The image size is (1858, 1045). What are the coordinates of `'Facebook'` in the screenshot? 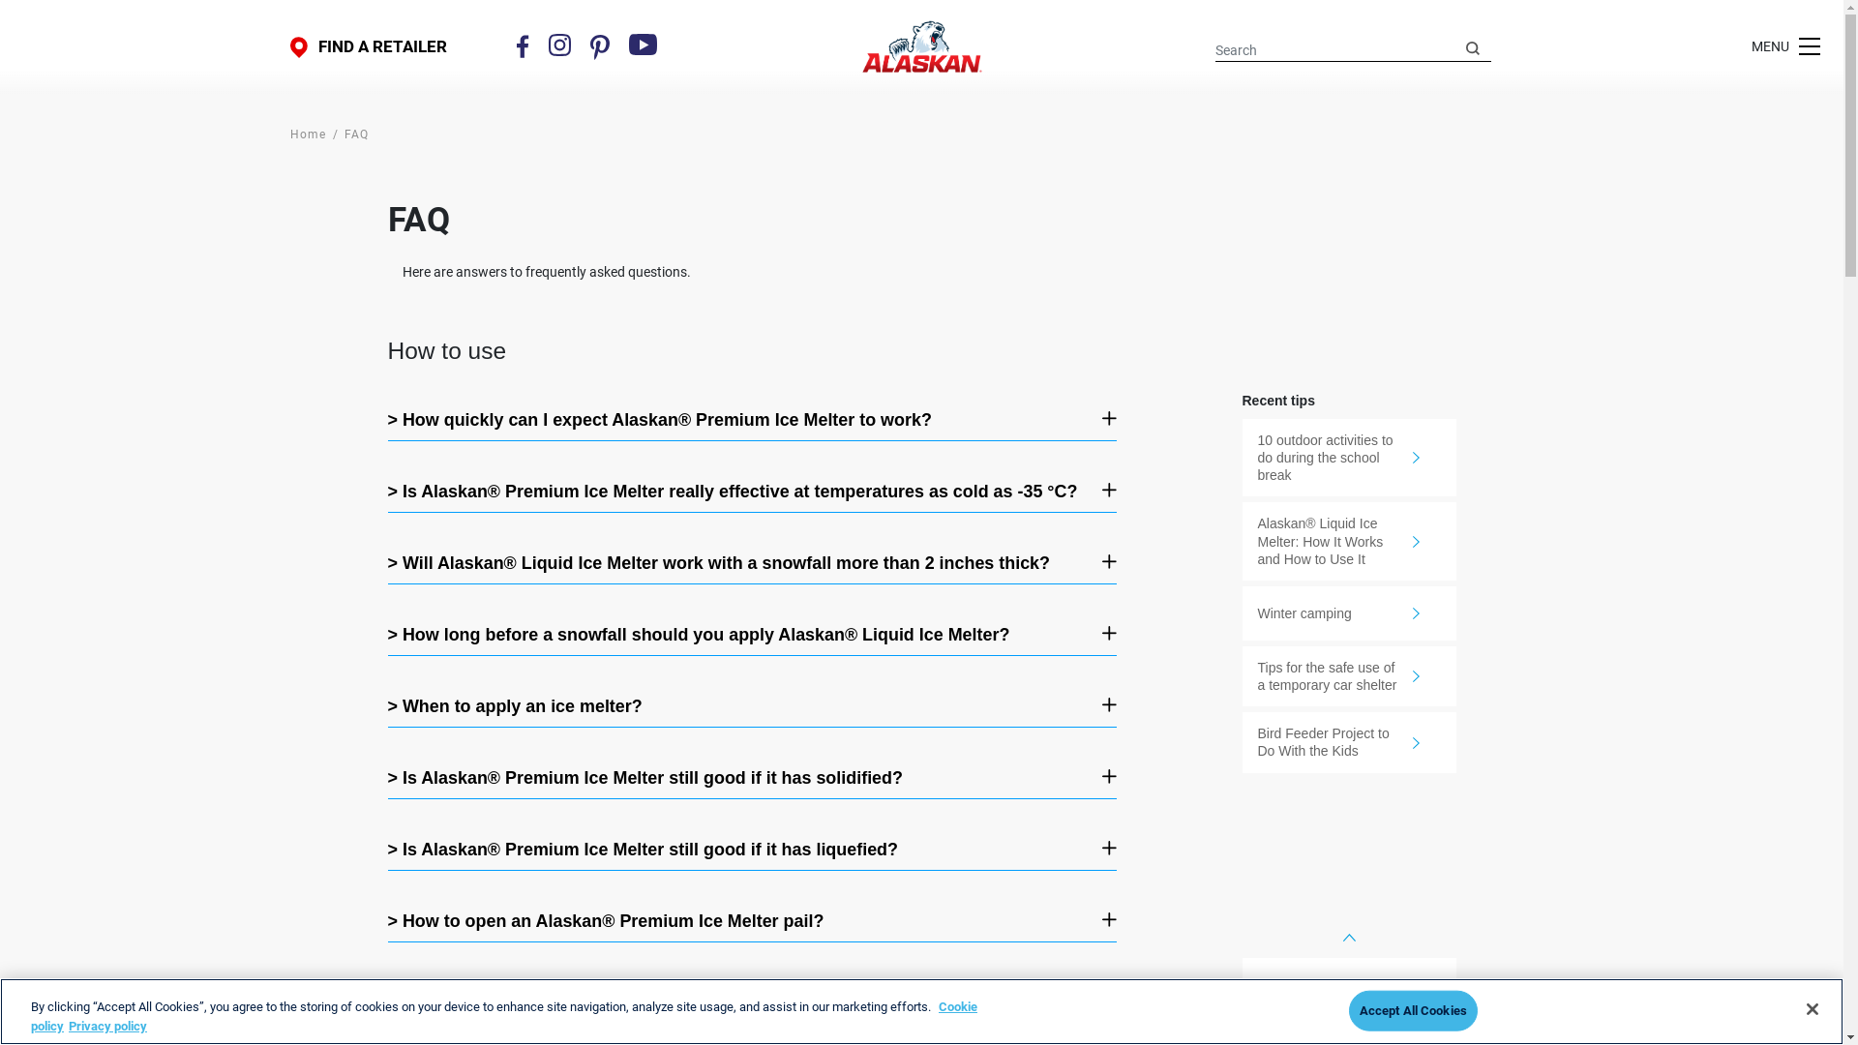 It's located at (516, 45).